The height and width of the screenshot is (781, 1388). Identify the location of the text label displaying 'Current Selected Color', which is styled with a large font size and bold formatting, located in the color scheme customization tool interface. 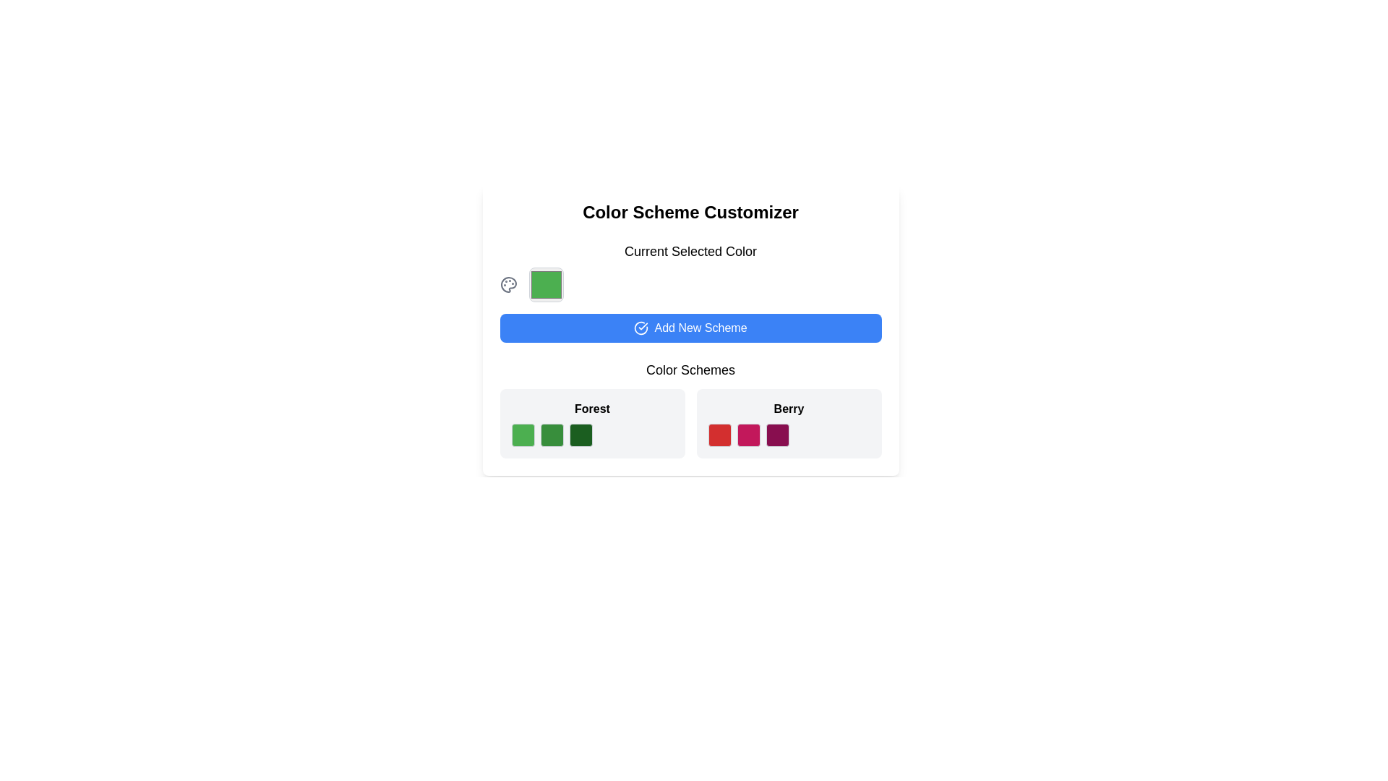
(690, 250).